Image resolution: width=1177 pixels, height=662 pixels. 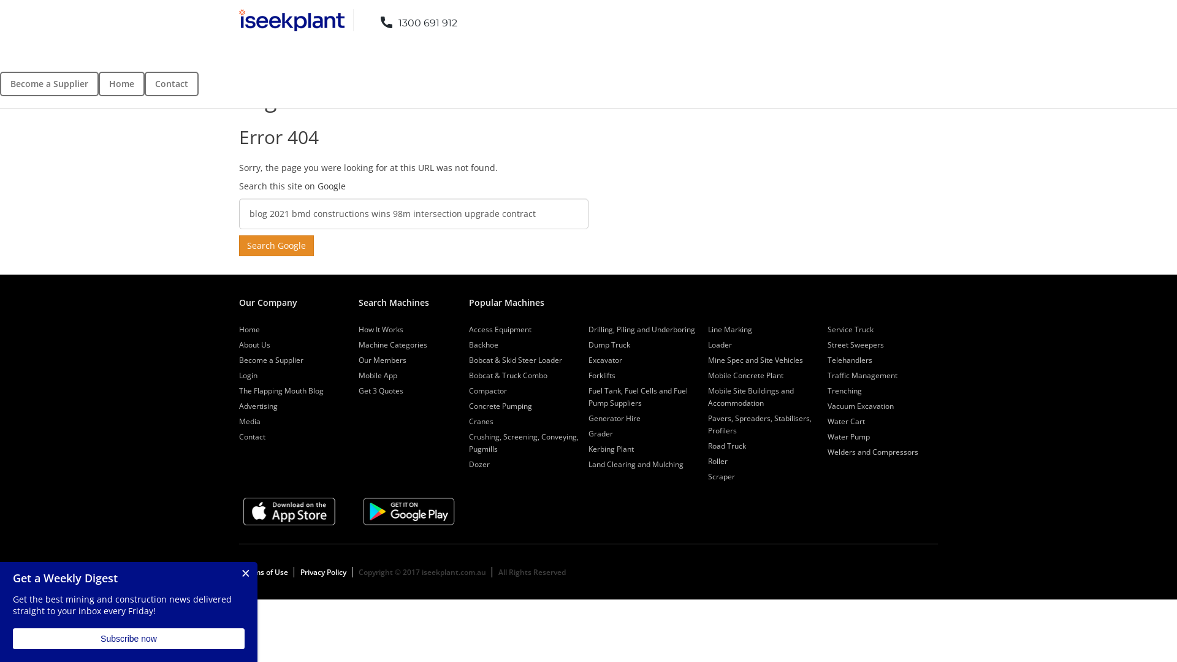 What do you see at coordinates (323, 572) in the screenshot?
I see `'Privacy Policy'` at bounding box center [323, 572].